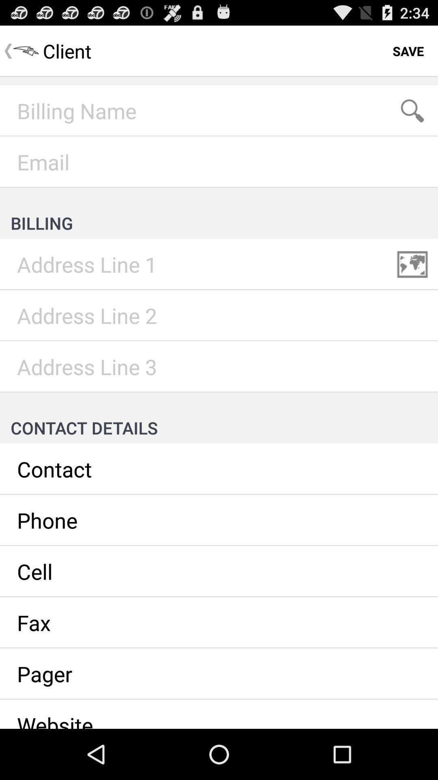 The image size is (438, 780). Describe the element at coordinates (219, 520) in the screenshot. I see `click the phone option` at that location.